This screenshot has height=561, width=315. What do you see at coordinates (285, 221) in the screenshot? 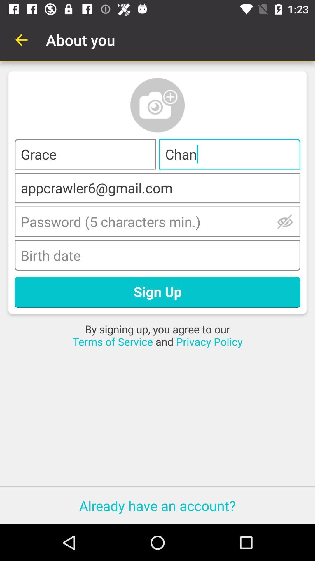
I see `show password` at bounding box center [285, 221].